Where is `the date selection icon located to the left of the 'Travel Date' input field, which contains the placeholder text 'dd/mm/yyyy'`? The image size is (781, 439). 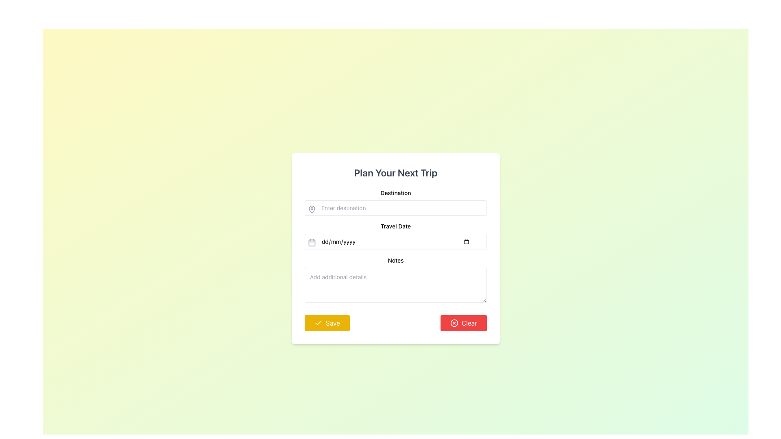 the date selection icon located to the left of the 'Travel Date' input field, which contains the placeholder text 'dd/mm/yyyy' is located at coordinates (312, 242).